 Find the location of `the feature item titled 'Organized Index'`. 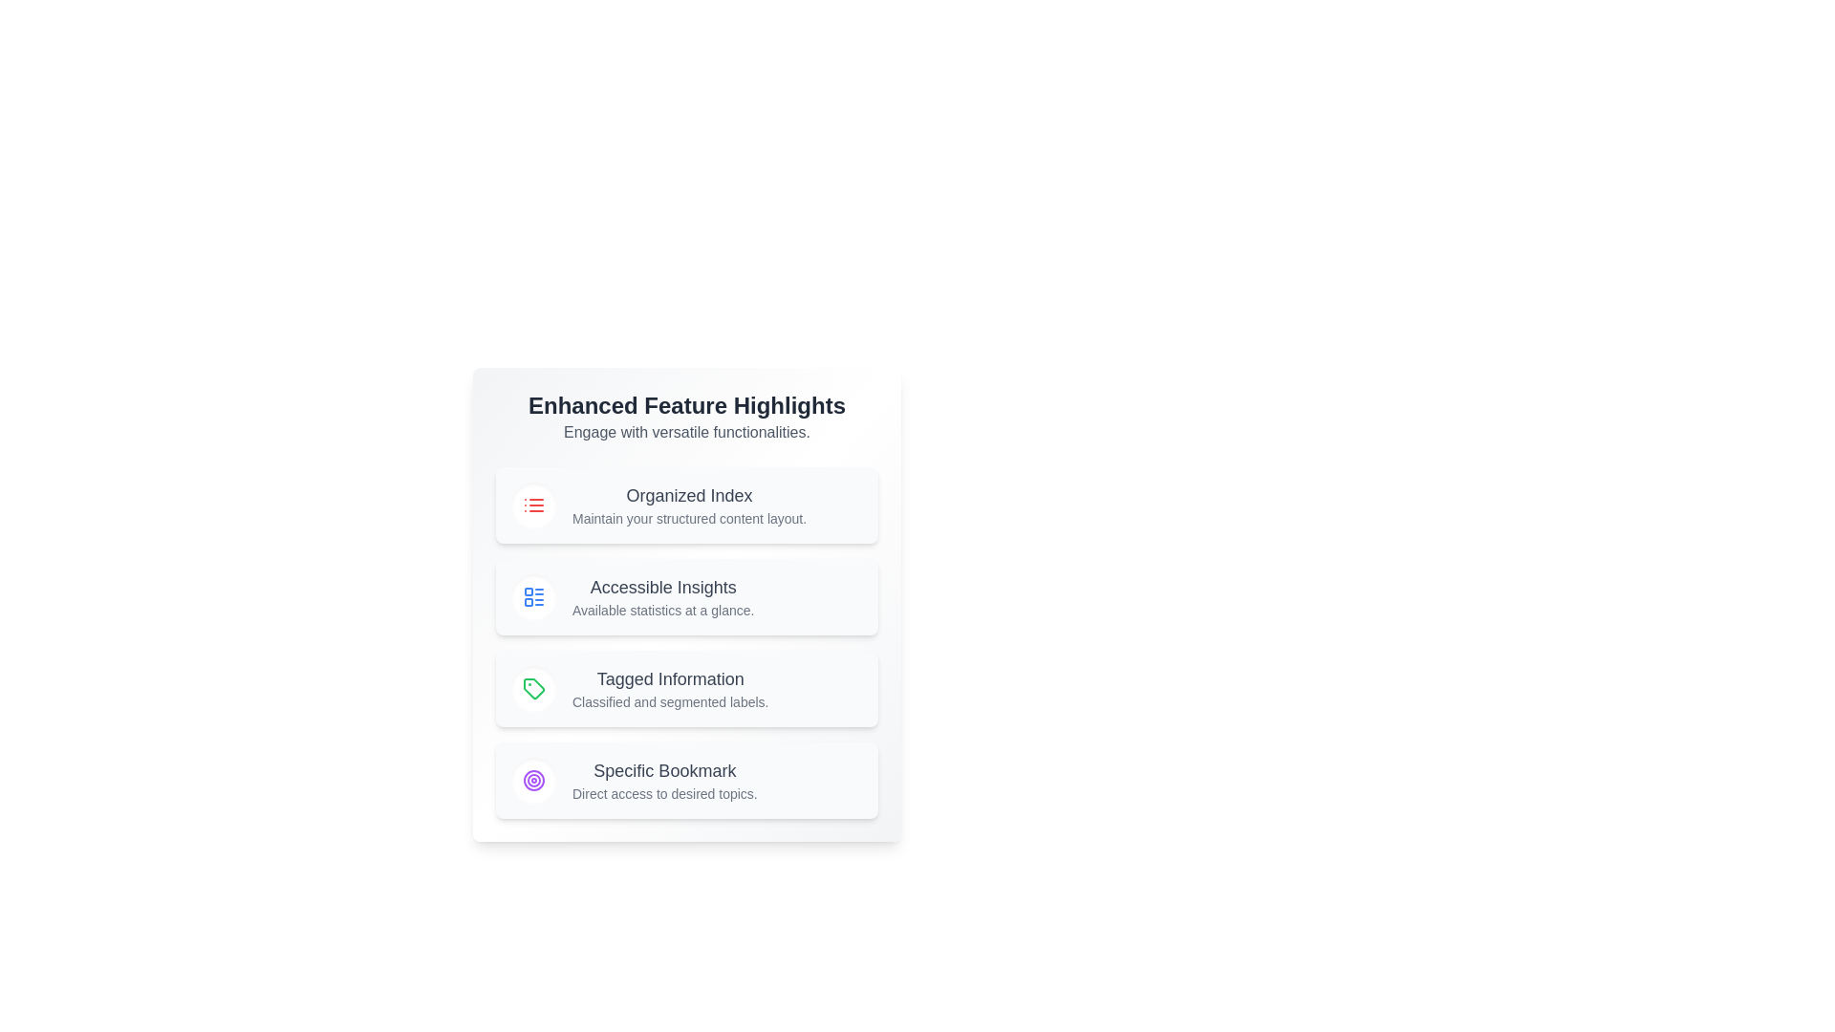

the feature item titled 'Organized Index' is located at coordinates (687, 504).